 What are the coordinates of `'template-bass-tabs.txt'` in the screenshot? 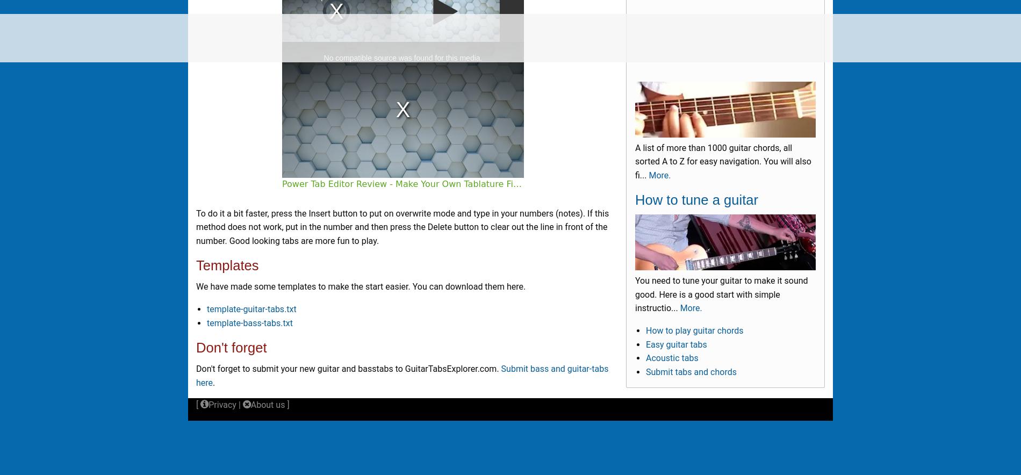 It's located at (249, 322).